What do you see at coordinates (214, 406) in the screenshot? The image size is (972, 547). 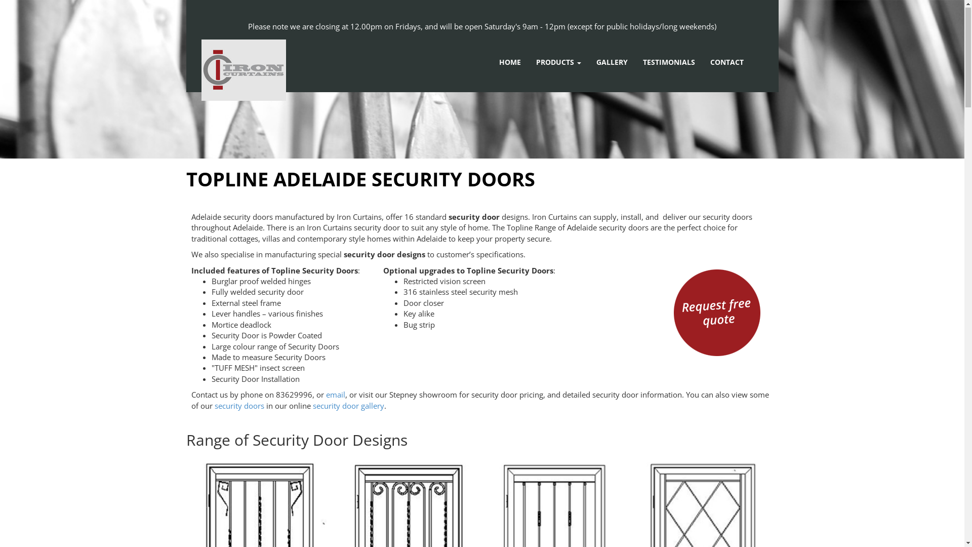 I see `'security doors'` at bounding box center [214, 406].